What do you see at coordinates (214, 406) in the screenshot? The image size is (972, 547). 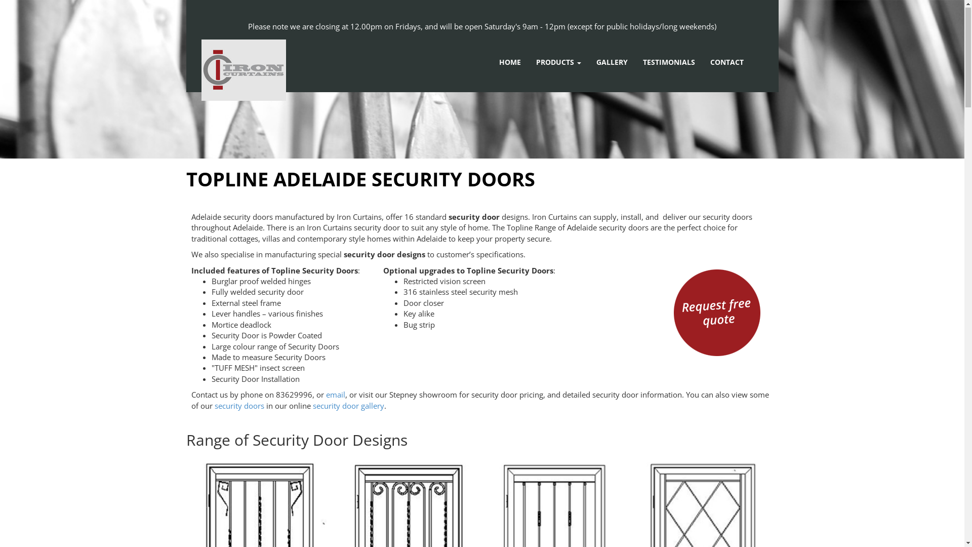 I see `'security doors'` at bounding box center [214, 406].